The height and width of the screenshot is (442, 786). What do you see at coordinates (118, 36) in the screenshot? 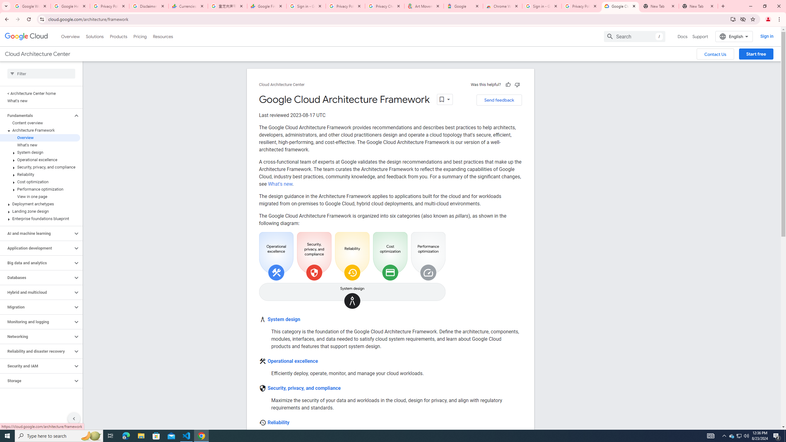
I see `'Products'` at bounding box center [118, 36].